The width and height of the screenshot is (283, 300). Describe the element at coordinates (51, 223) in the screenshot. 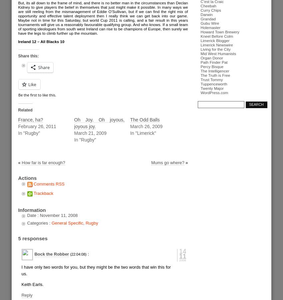

I see `'General Specific'` at that location.